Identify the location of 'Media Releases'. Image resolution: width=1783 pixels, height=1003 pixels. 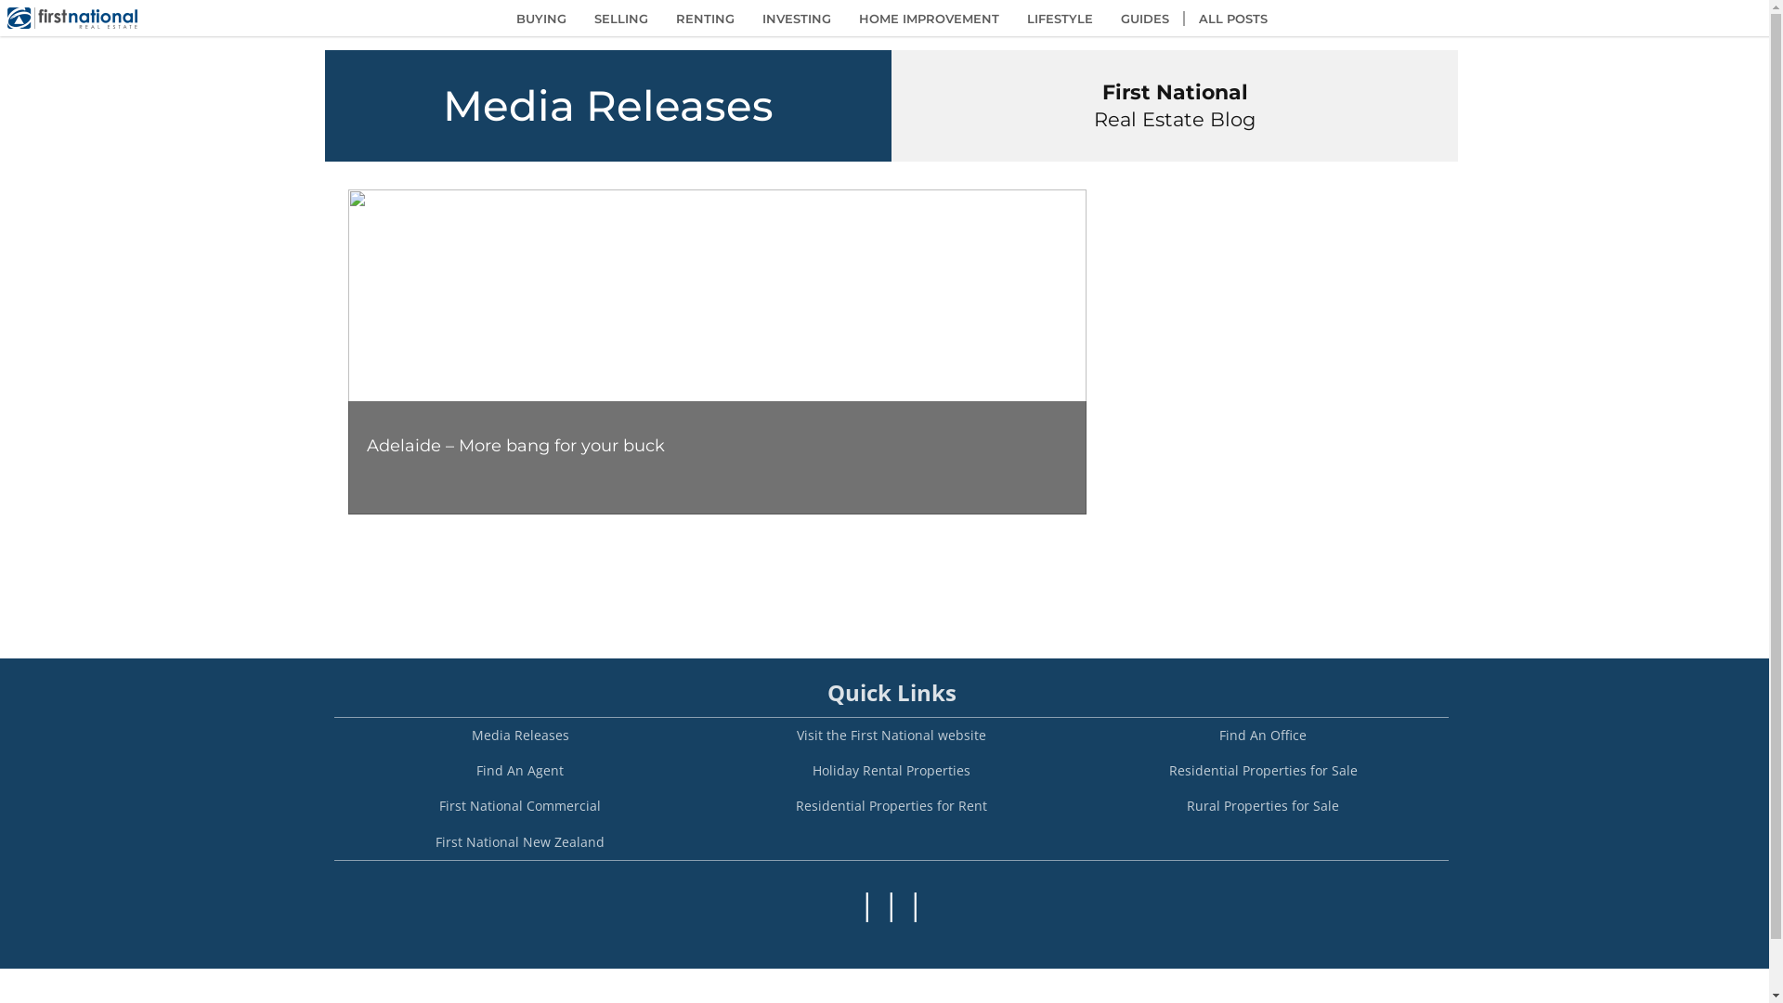
(520, 734).